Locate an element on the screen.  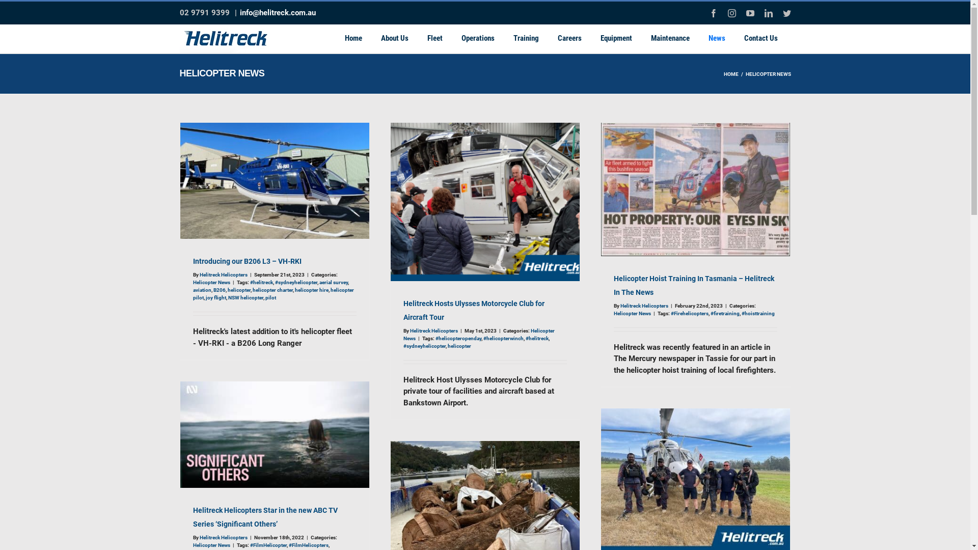
'Twitter' is located at coordinates (786, 13).